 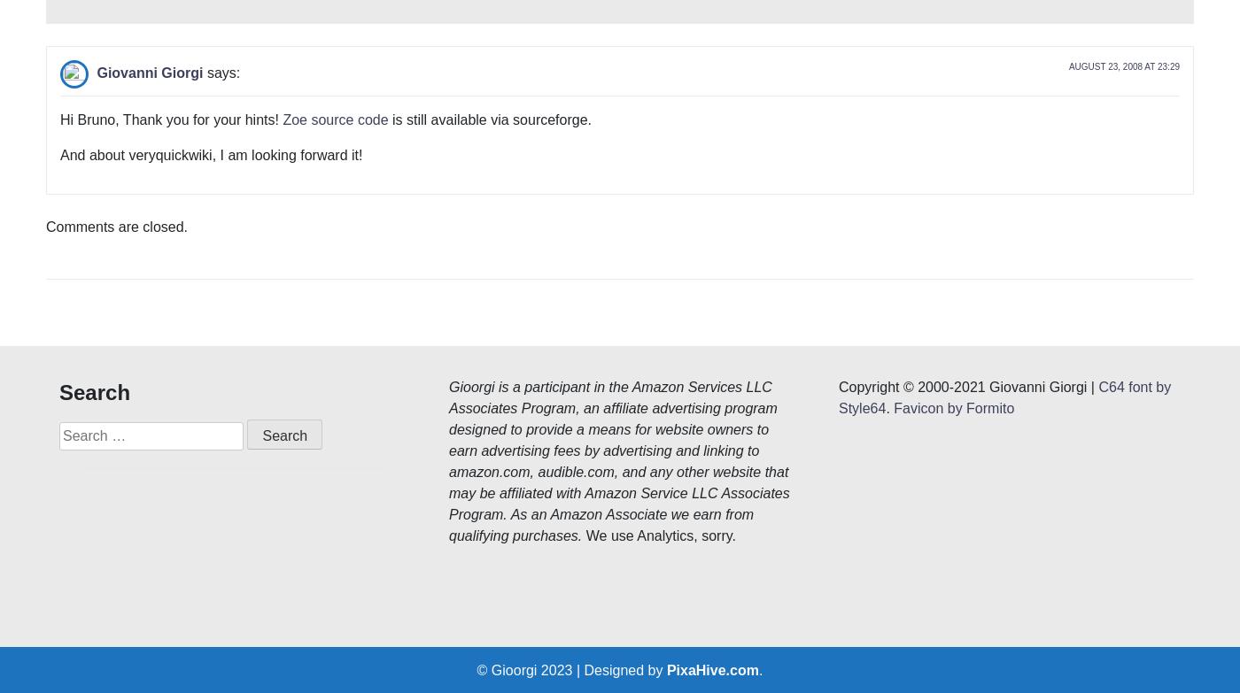 I want to click on '©  Gioorgi 2023', so click(x=526, y=404).